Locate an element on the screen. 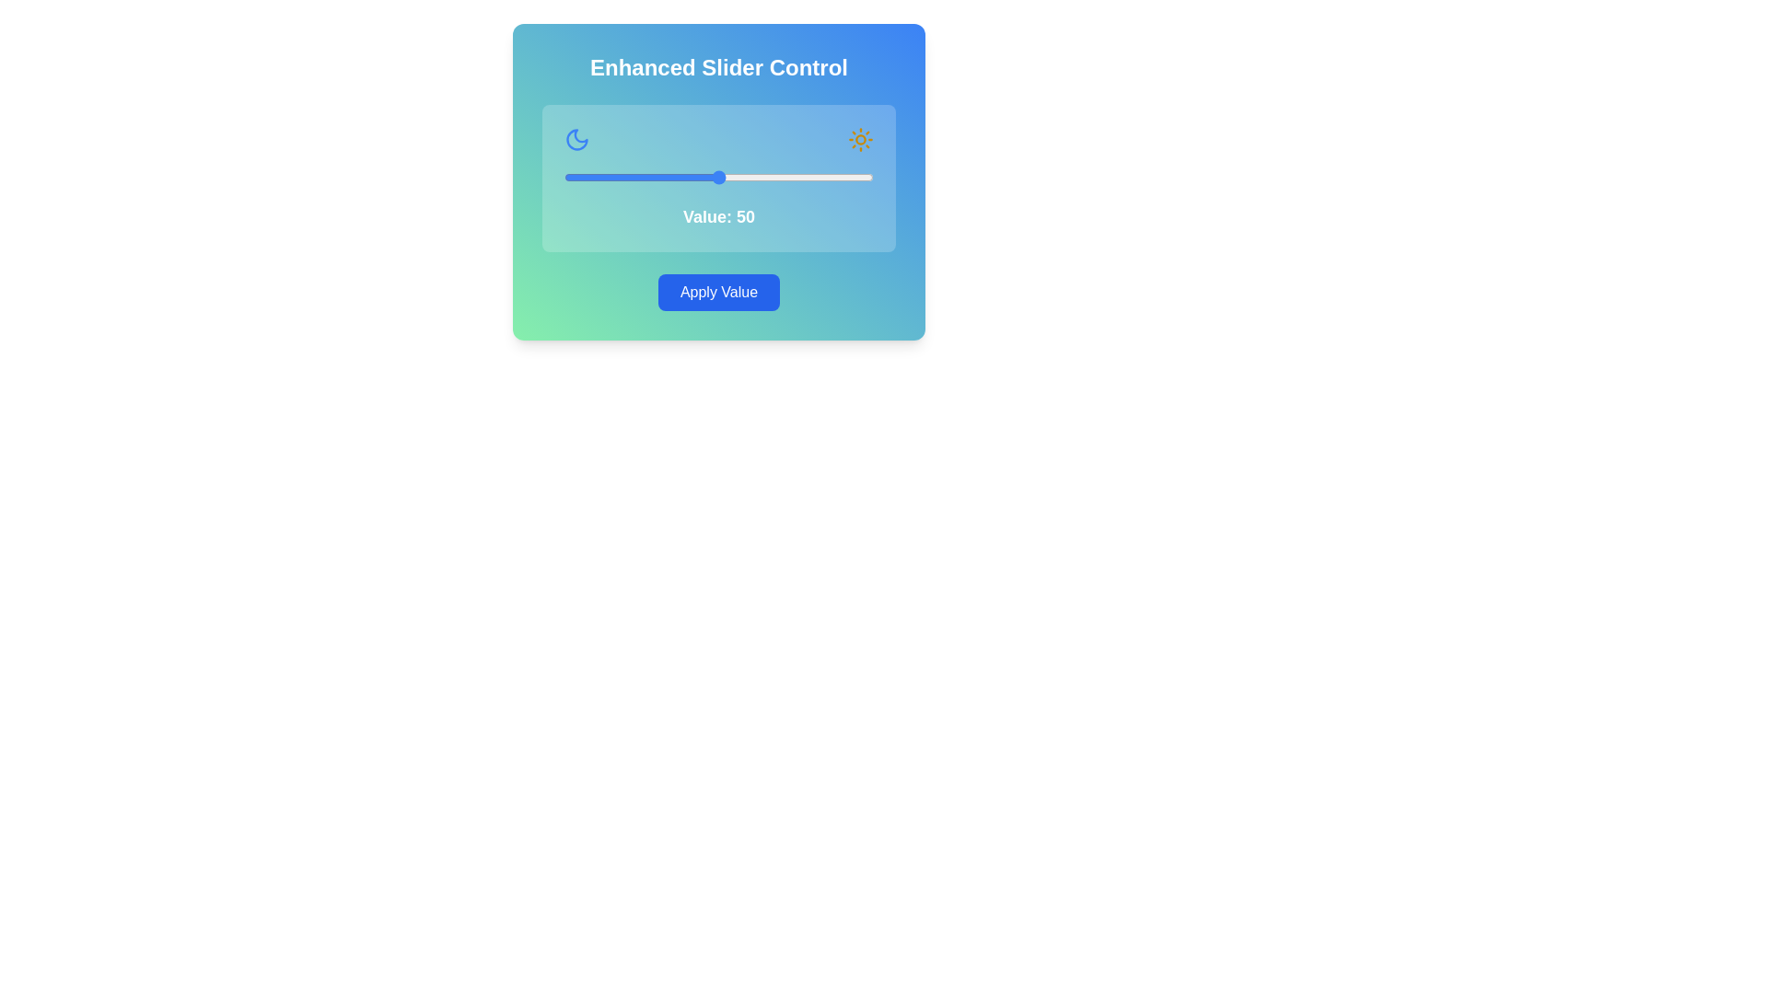  the slider is located at coordinates (687, 177).